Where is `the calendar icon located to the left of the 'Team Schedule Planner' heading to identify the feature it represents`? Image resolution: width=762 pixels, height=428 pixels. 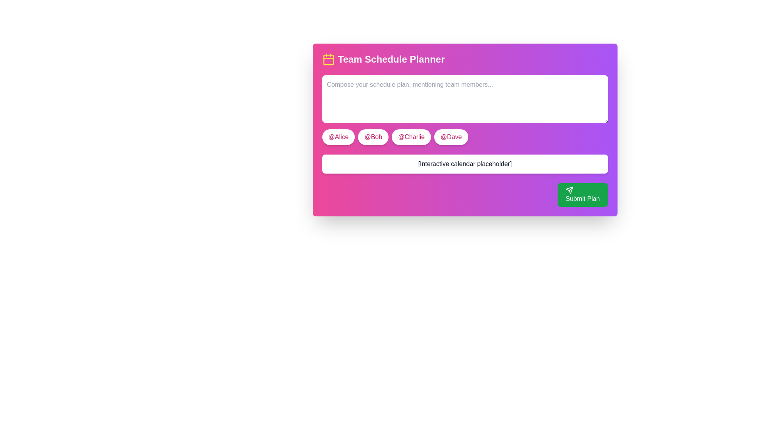
the calendar icon located to the left of the 'Team Schedule Planner' heading to identify the feature it represents is located at coordinates (328, 59).